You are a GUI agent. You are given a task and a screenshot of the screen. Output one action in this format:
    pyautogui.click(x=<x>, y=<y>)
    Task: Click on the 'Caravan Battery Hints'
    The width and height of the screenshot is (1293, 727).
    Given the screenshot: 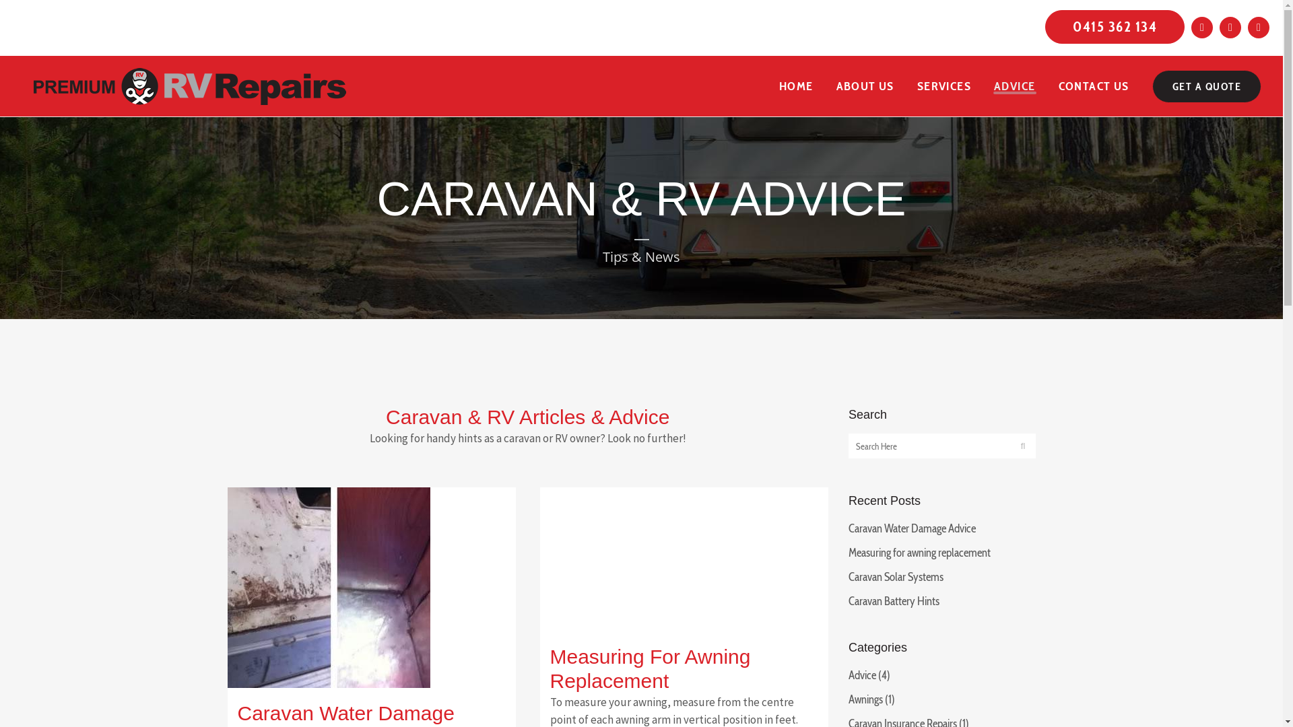 What is the action you would take?
    pyautogui.click(x=894, y=600)
    